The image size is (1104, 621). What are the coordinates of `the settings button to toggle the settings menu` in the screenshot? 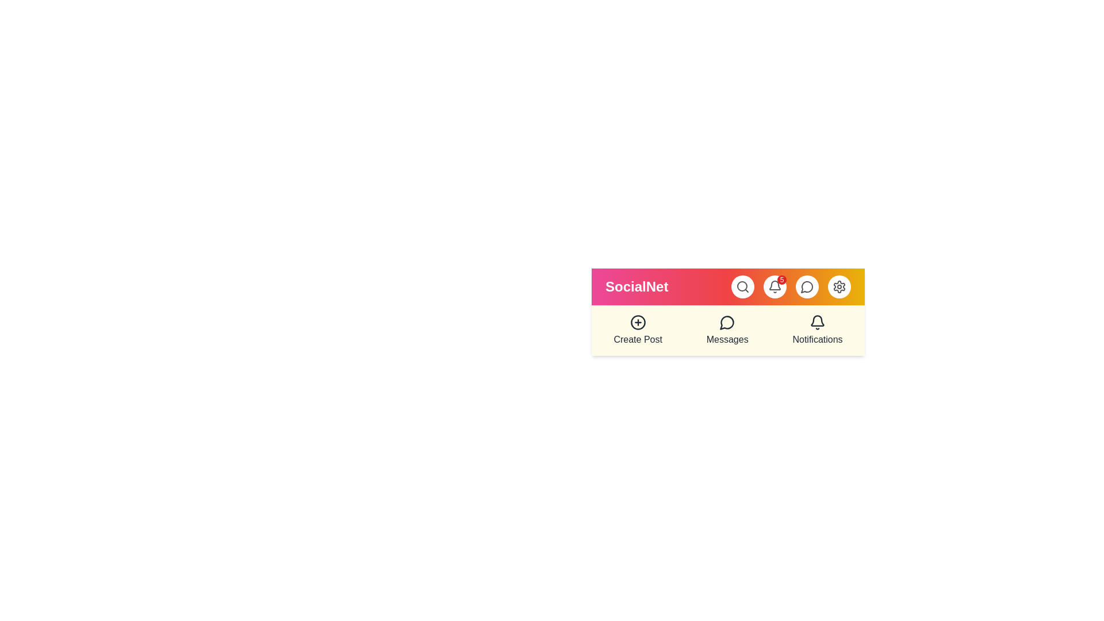 It's located at (839, 286).